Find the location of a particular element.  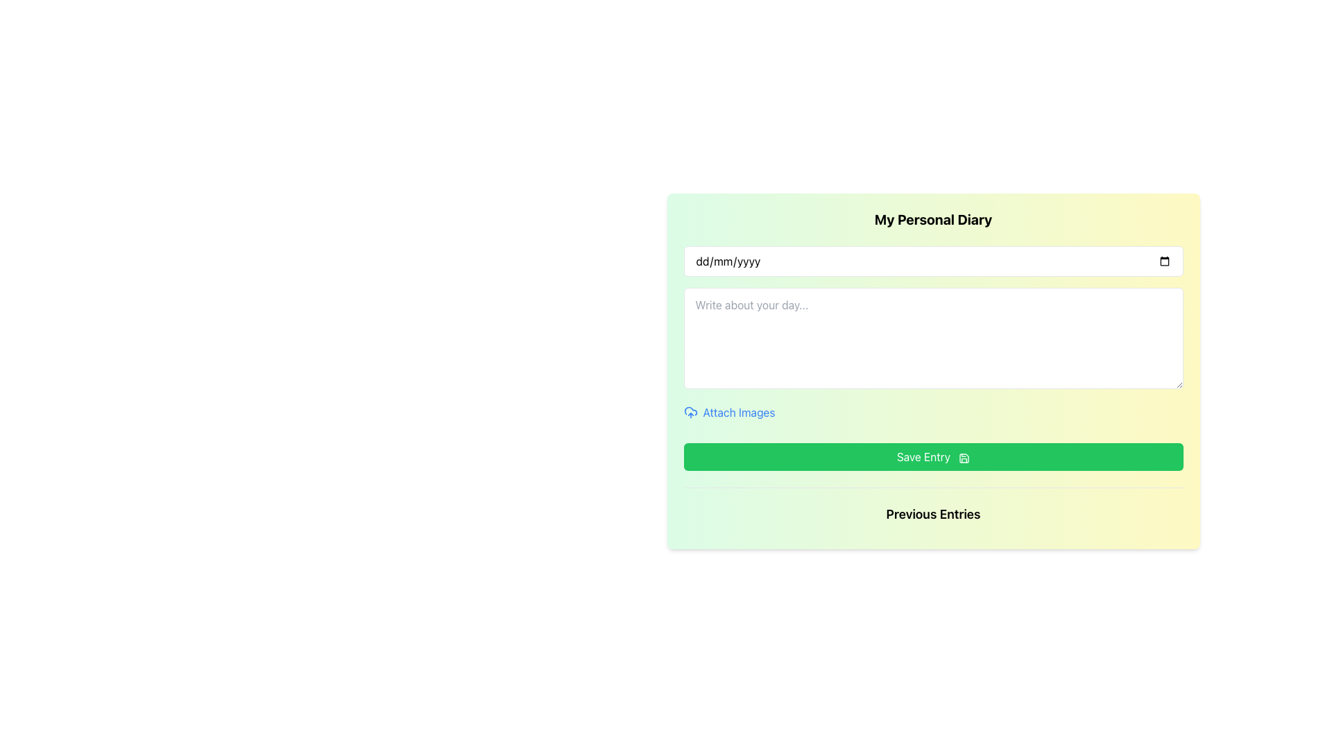

the 'Save Entry' button which contains the SVG icon representing the 'Save Entry' action, located towards the right side of the button is located at coordinates (964, 458).